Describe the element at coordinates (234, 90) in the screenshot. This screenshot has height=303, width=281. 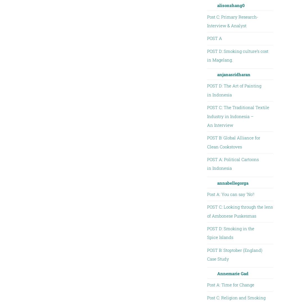
I see `'POST D: The Art of Painting in Indonesia'` at that location.